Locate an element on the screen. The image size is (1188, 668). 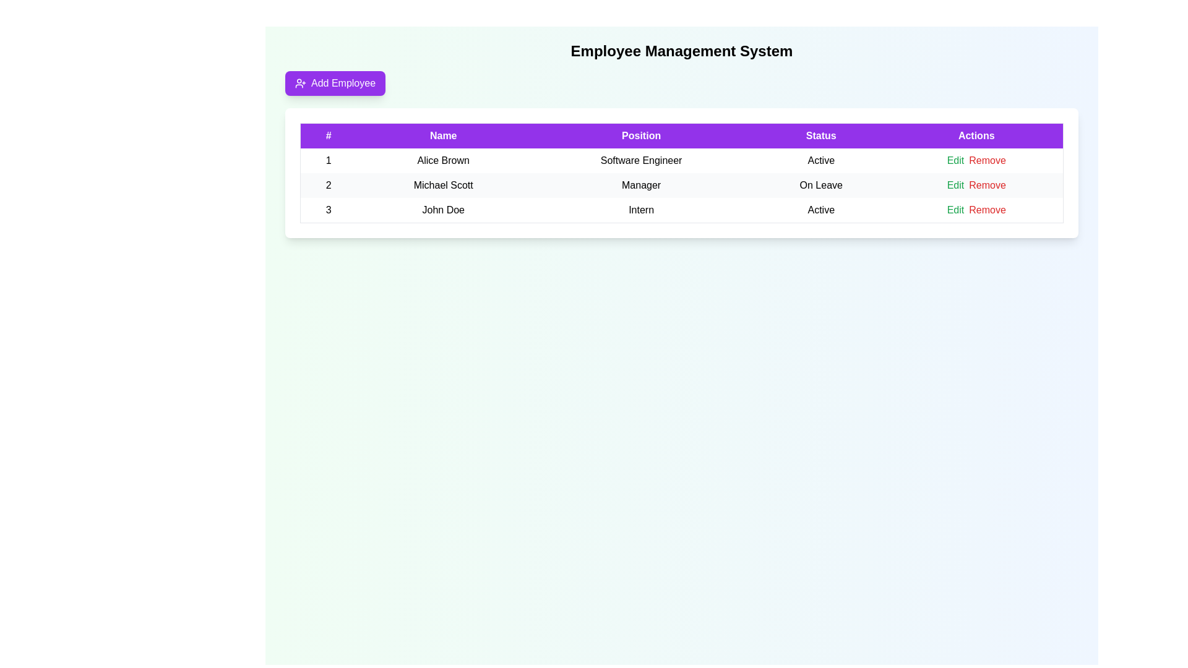
the static text label displaying the name 'John Doe' in the employee management system, located in row 3, second column labeled 'Name' is located at coordinates (443, 210).